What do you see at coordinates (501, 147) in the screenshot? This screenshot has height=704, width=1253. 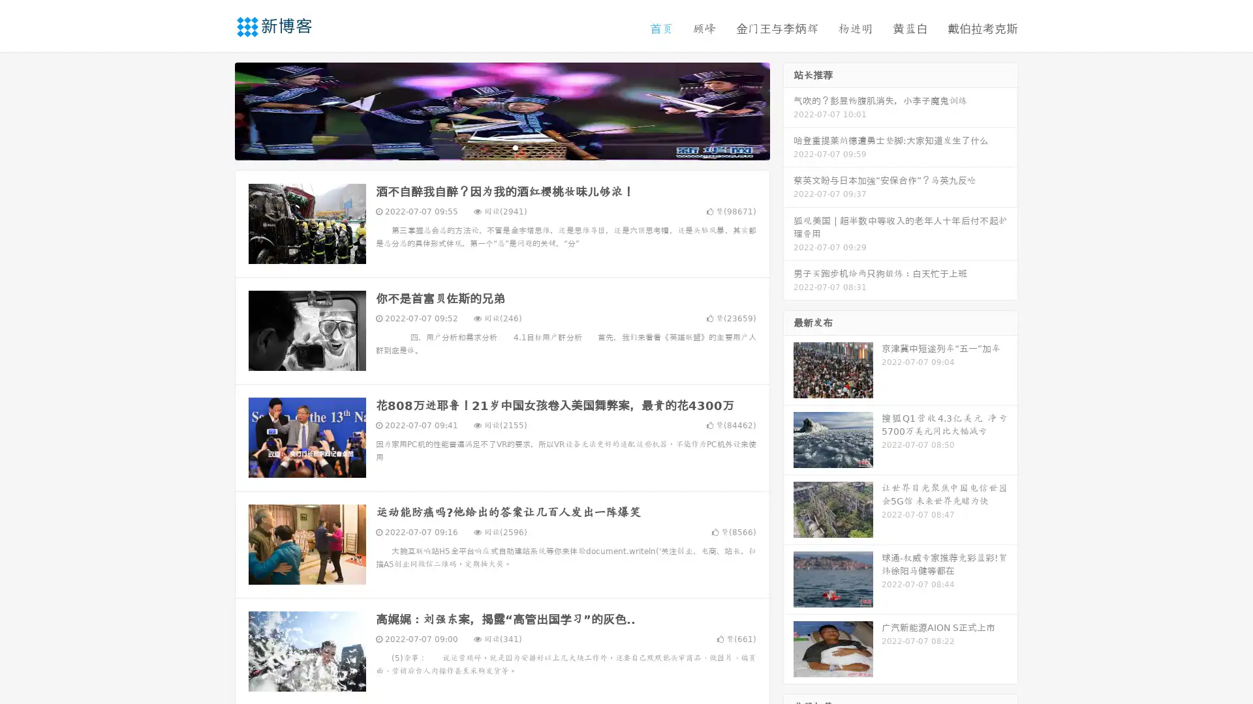 I see `Go to slide 2` at bounding box center [501, 147].